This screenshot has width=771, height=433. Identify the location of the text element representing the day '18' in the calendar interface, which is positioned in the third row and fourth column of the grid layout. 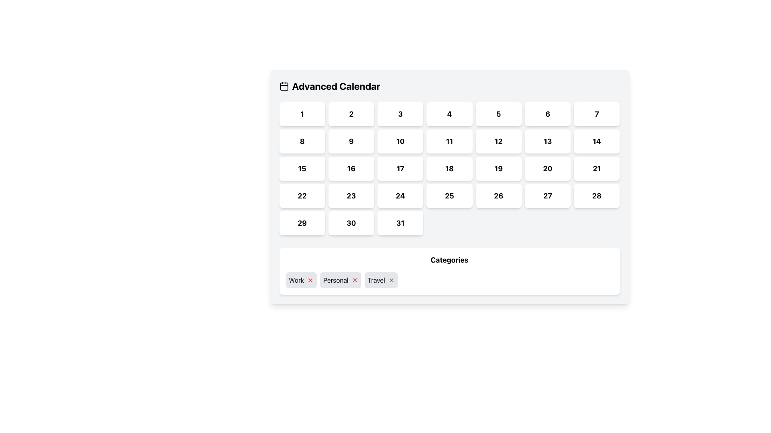
(449, 168).